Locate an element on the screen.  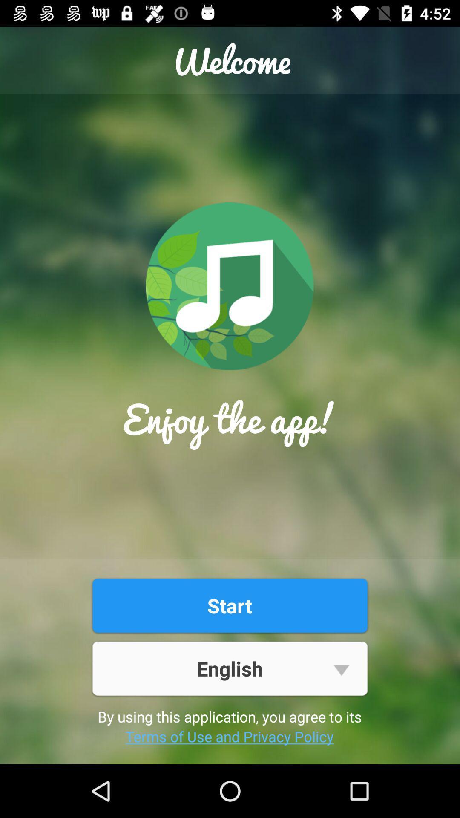
item above english item is located at coordinates (229, 605).